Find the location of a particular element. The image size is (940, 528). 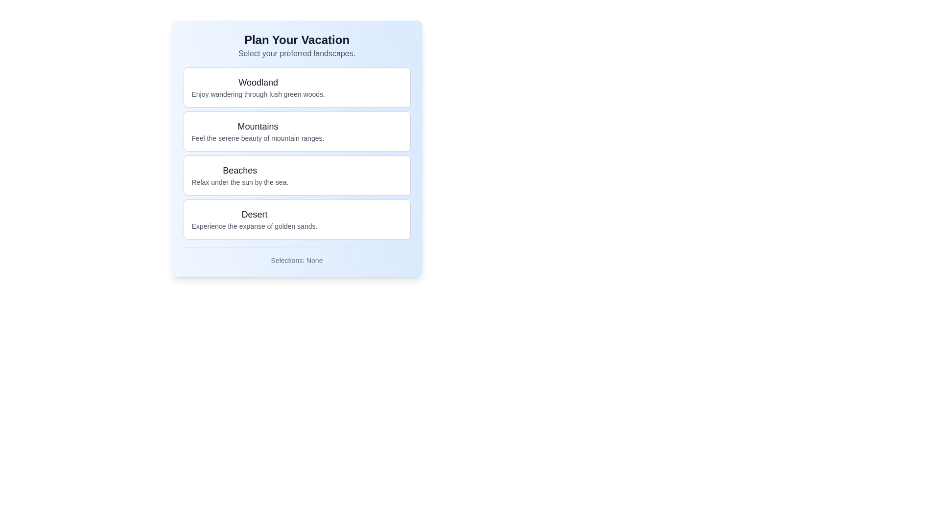

the descriptive text element that provides additional information about the 'Desert' option in the selection interface, located below the bold title 'Desert' is located at coordinates (254, 226).